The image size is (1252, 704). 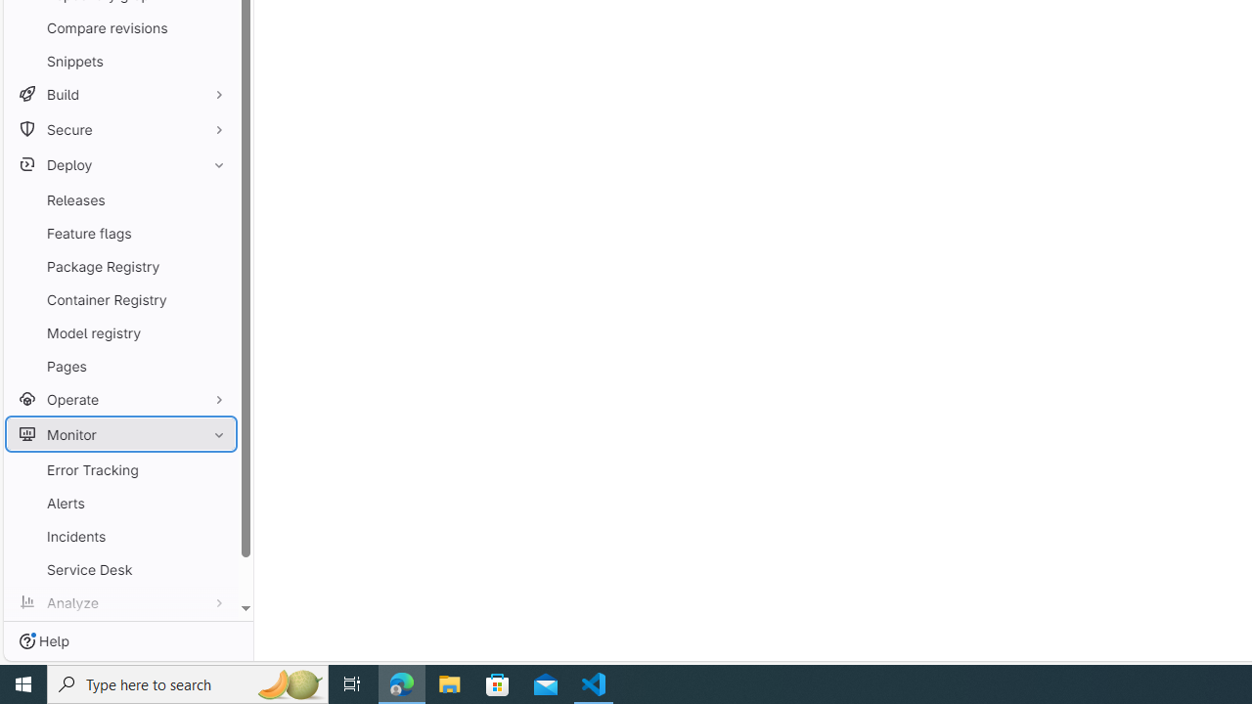 I want to click on 'Operate', so click(x=120, y=398).